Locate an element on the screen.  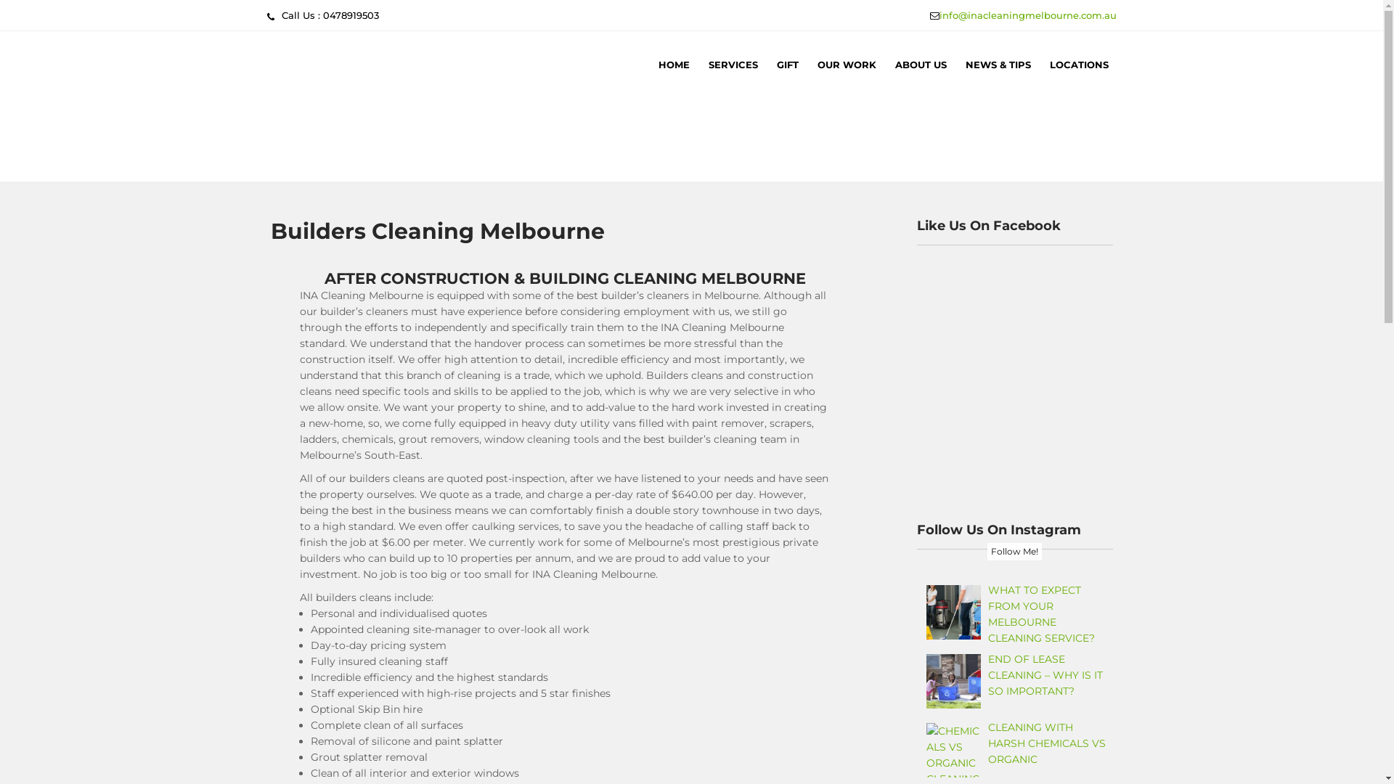
'SERVICES' is located at coordinates (700, 63).